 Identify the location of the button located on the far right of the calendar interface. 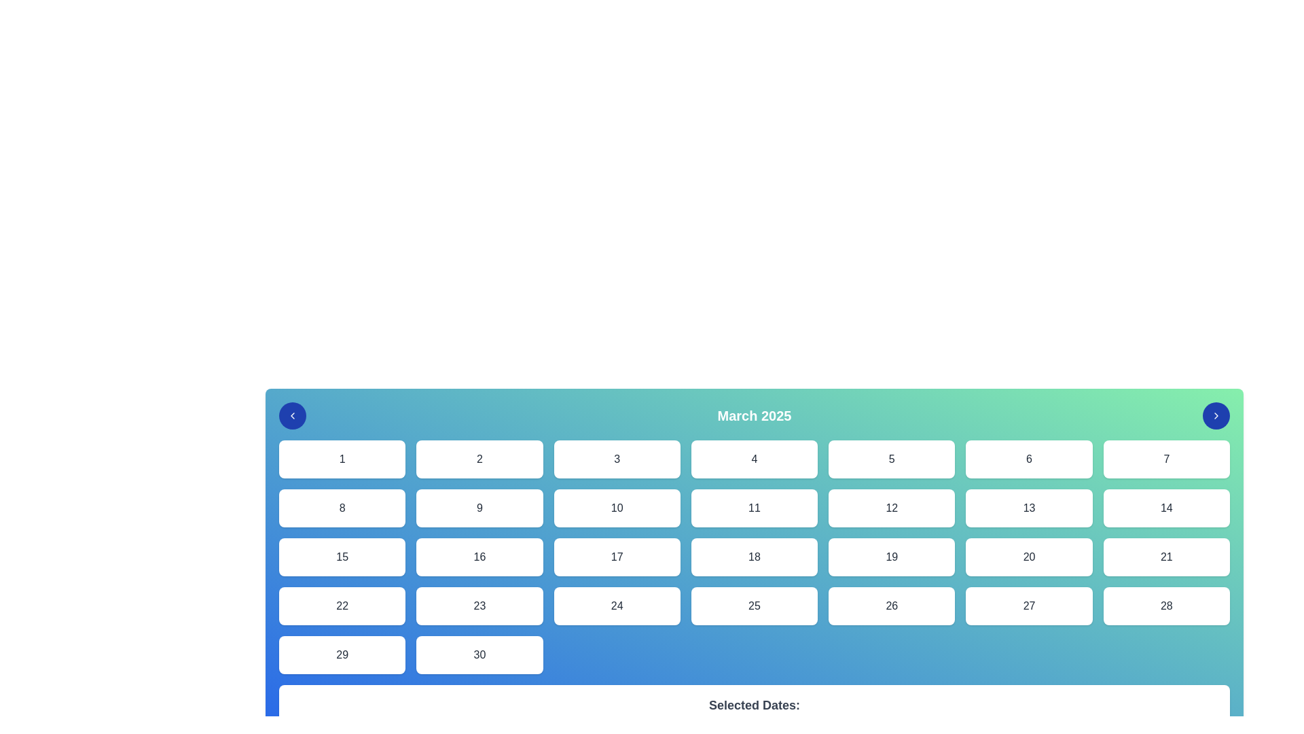
(1216, 415).